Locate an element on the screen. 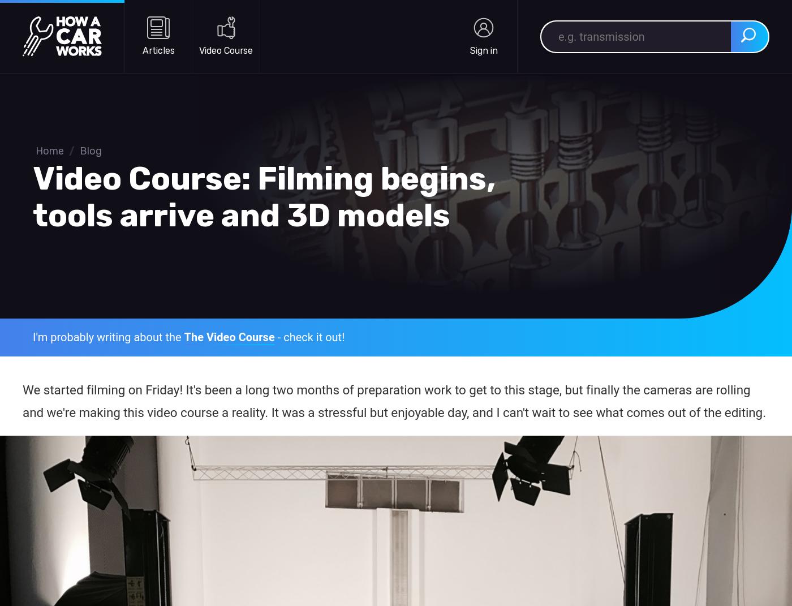 The height and width of the screenshot is (606, 792). 'Articles' is located at coordinates (142, 50).